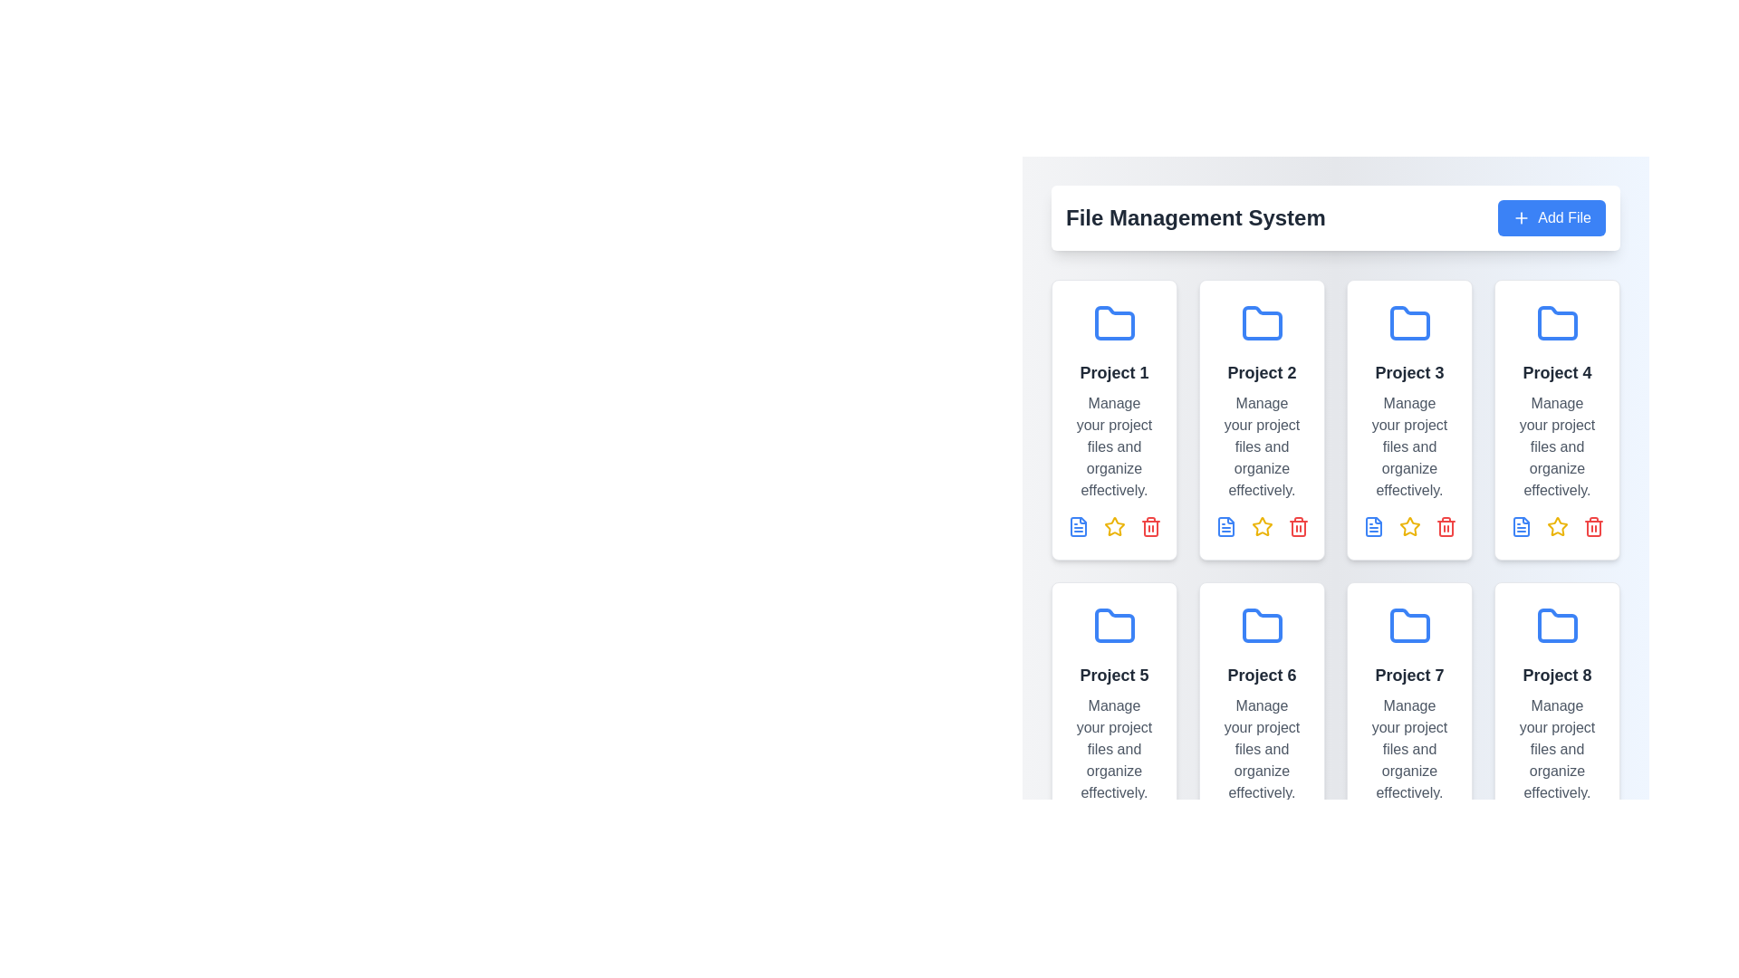 The height and width of the screenshot is (978, 1739). I want to click on the folder icon located in the top-left panel labeled 'Project 1' in the UI, which is the first element in the grid layout, so click(1113, 322).